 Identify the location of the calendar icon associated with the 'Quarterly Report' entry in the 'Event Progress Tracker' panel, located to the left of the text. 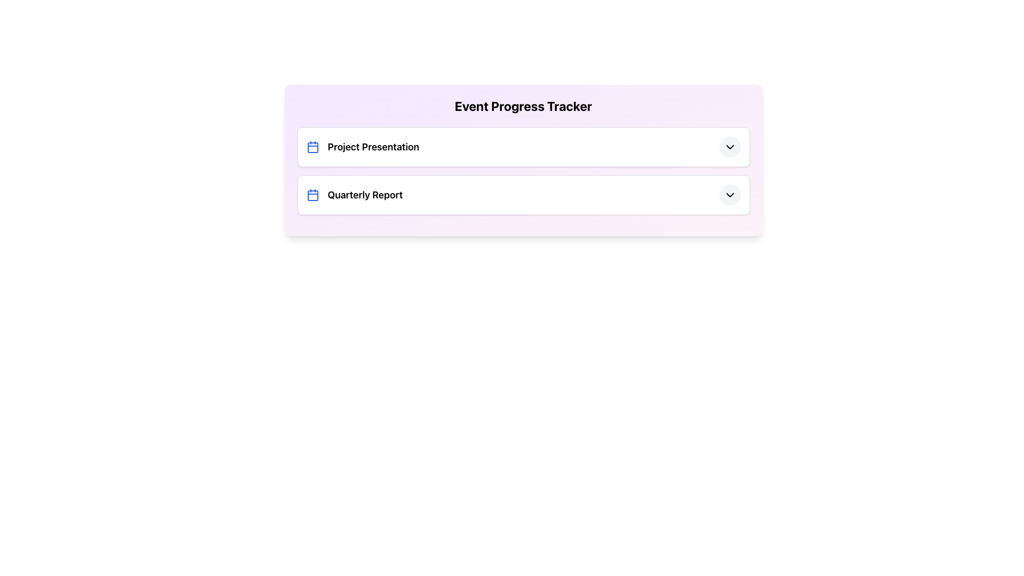
(312, 195).